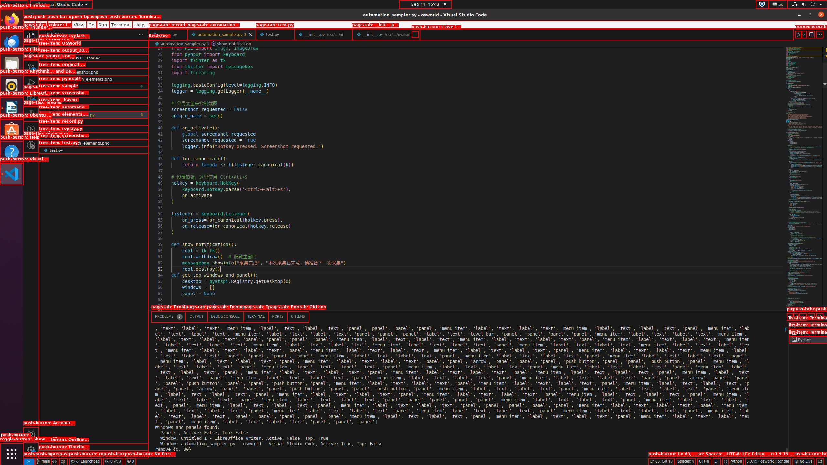  I want to click on 'Run Python File', so click(798, 34).